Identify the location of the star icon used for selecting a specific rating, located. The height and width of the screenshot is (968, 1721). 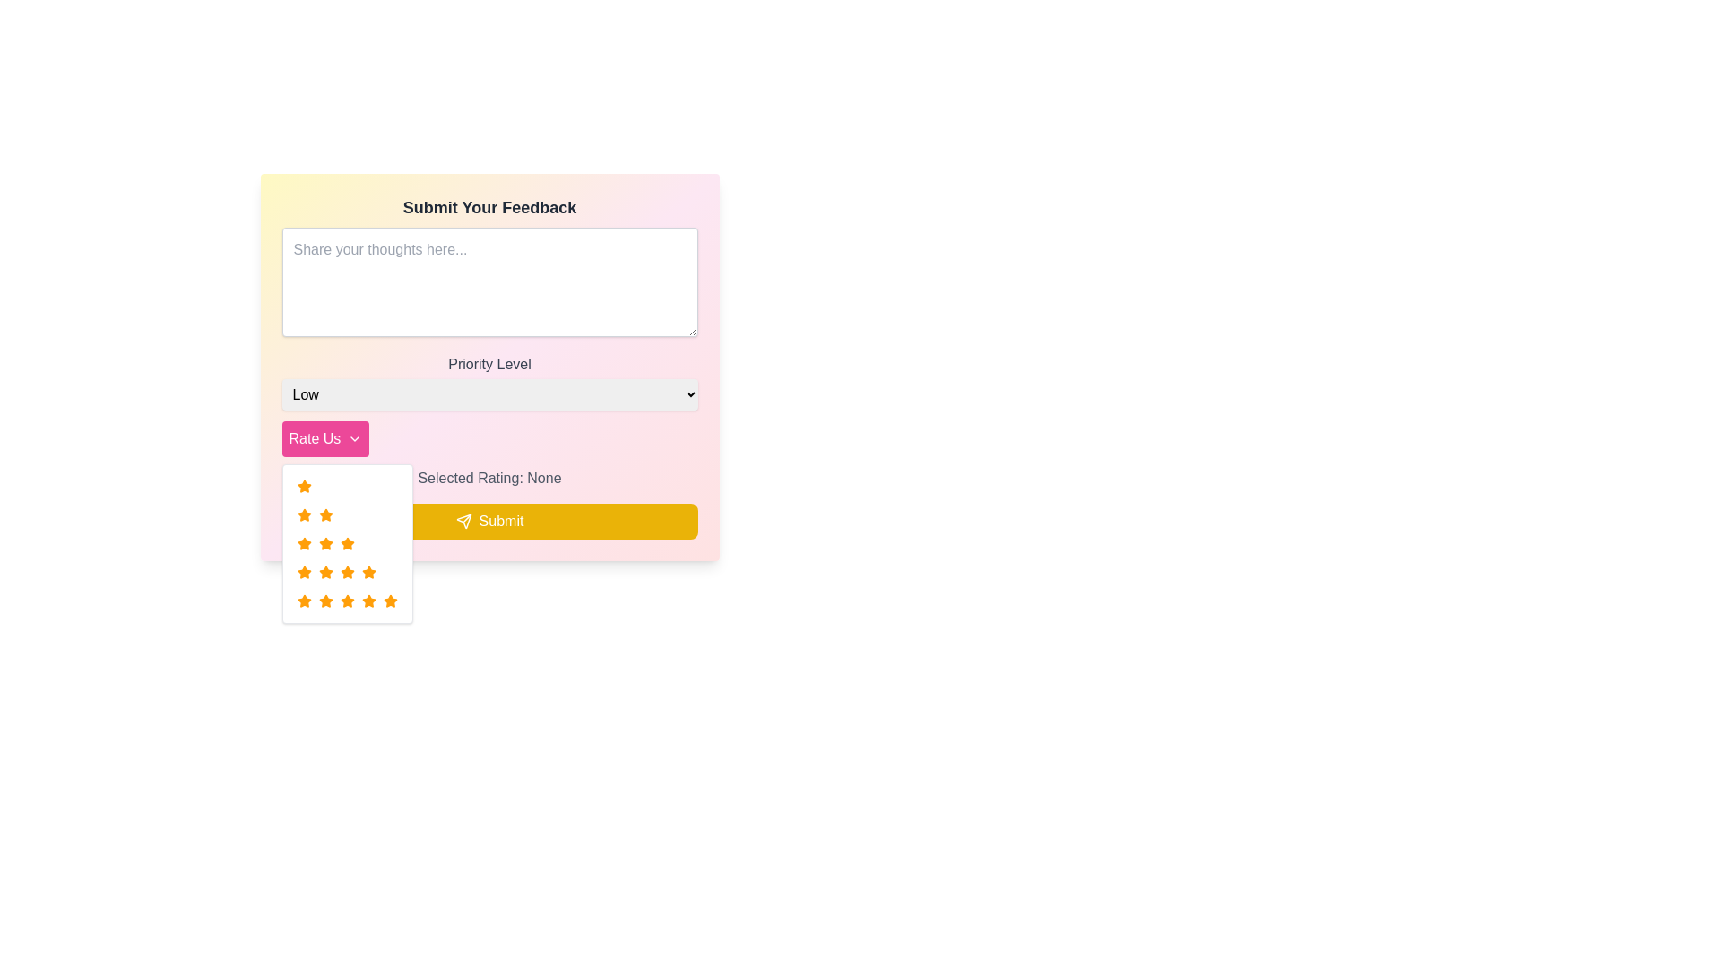
(368, 572).